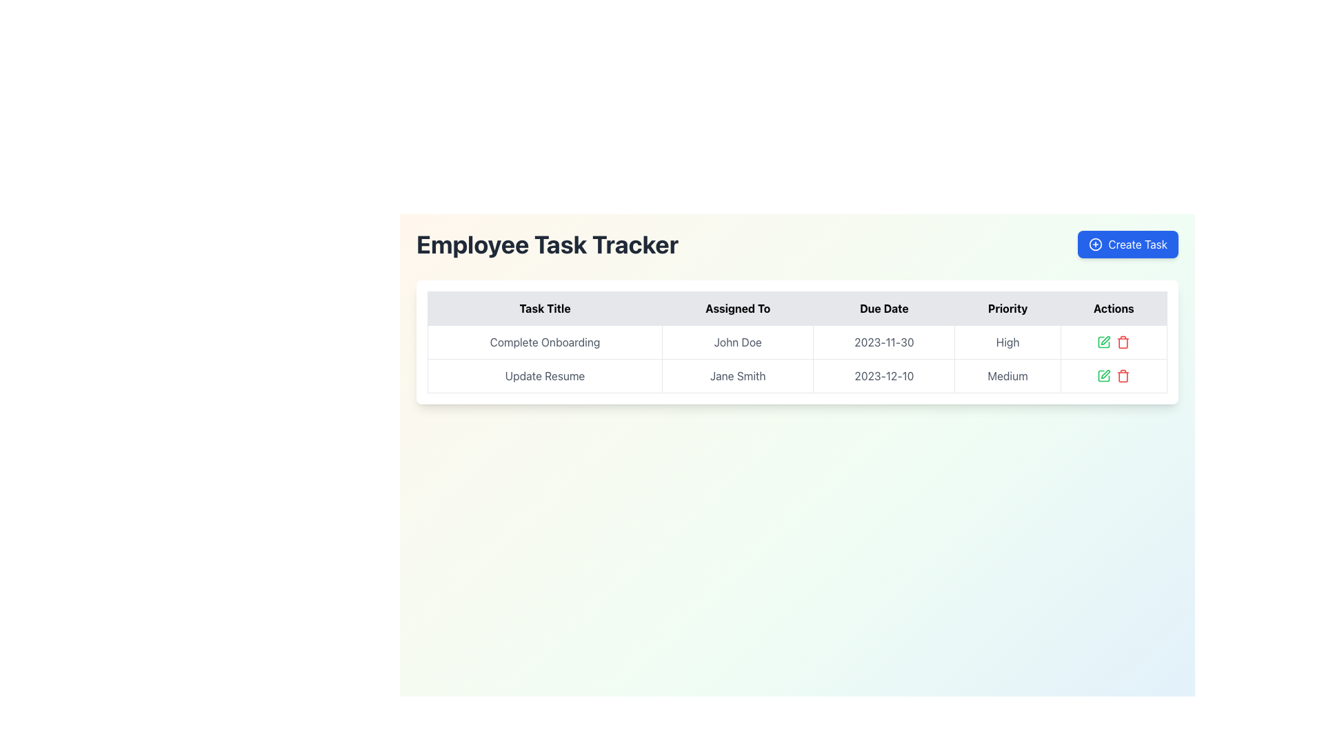 This screenshot has width=1324, height=744. What do you see at coordinates (1104, 376) in the screenshot?
I see `the Edit Icon, which is a square with a pen overlay, located in the second row under the 'Actions' column for the task titled 'Update Resume'` at bounding box center [1104, 376].